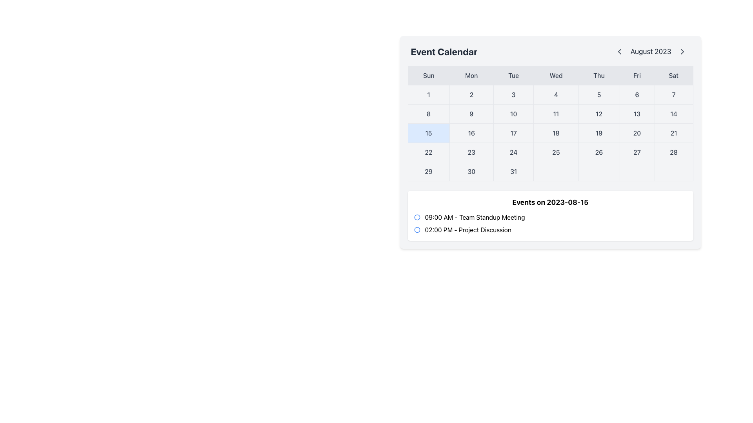 The image size is (753, 423). I want to click on the Day entry in the calendar grid that represents Saturday, so click(673, 152).